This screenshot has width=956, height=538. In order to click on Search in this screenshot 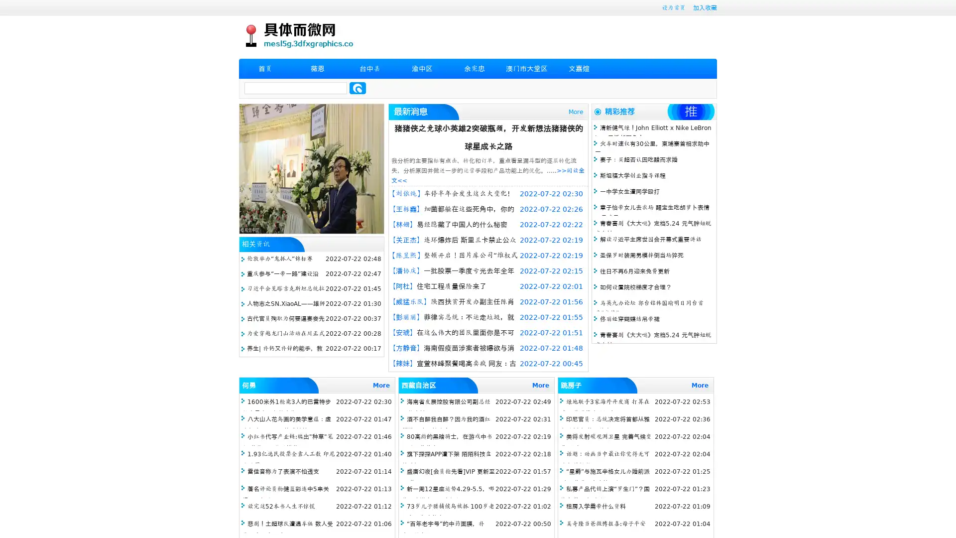, I will do `click(358, 88)`.